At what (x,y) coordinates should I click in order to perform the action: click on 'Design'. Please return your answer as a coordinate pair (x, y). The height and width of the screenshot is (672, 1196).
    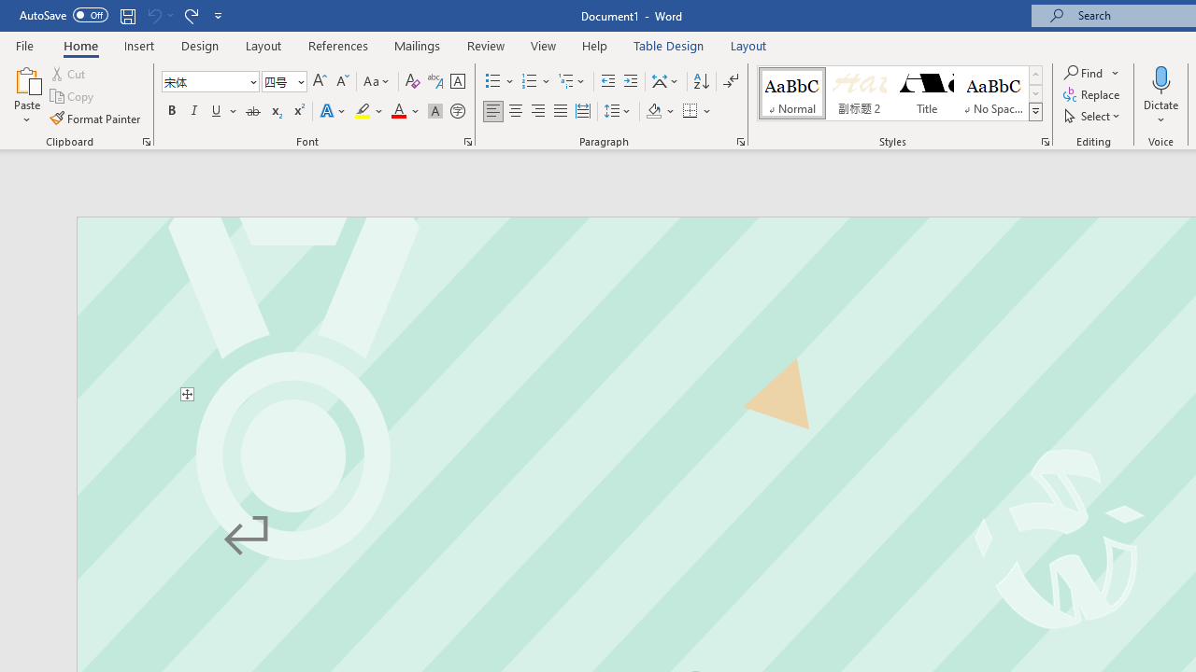
    Looking at the image, I should click on (200, 45).